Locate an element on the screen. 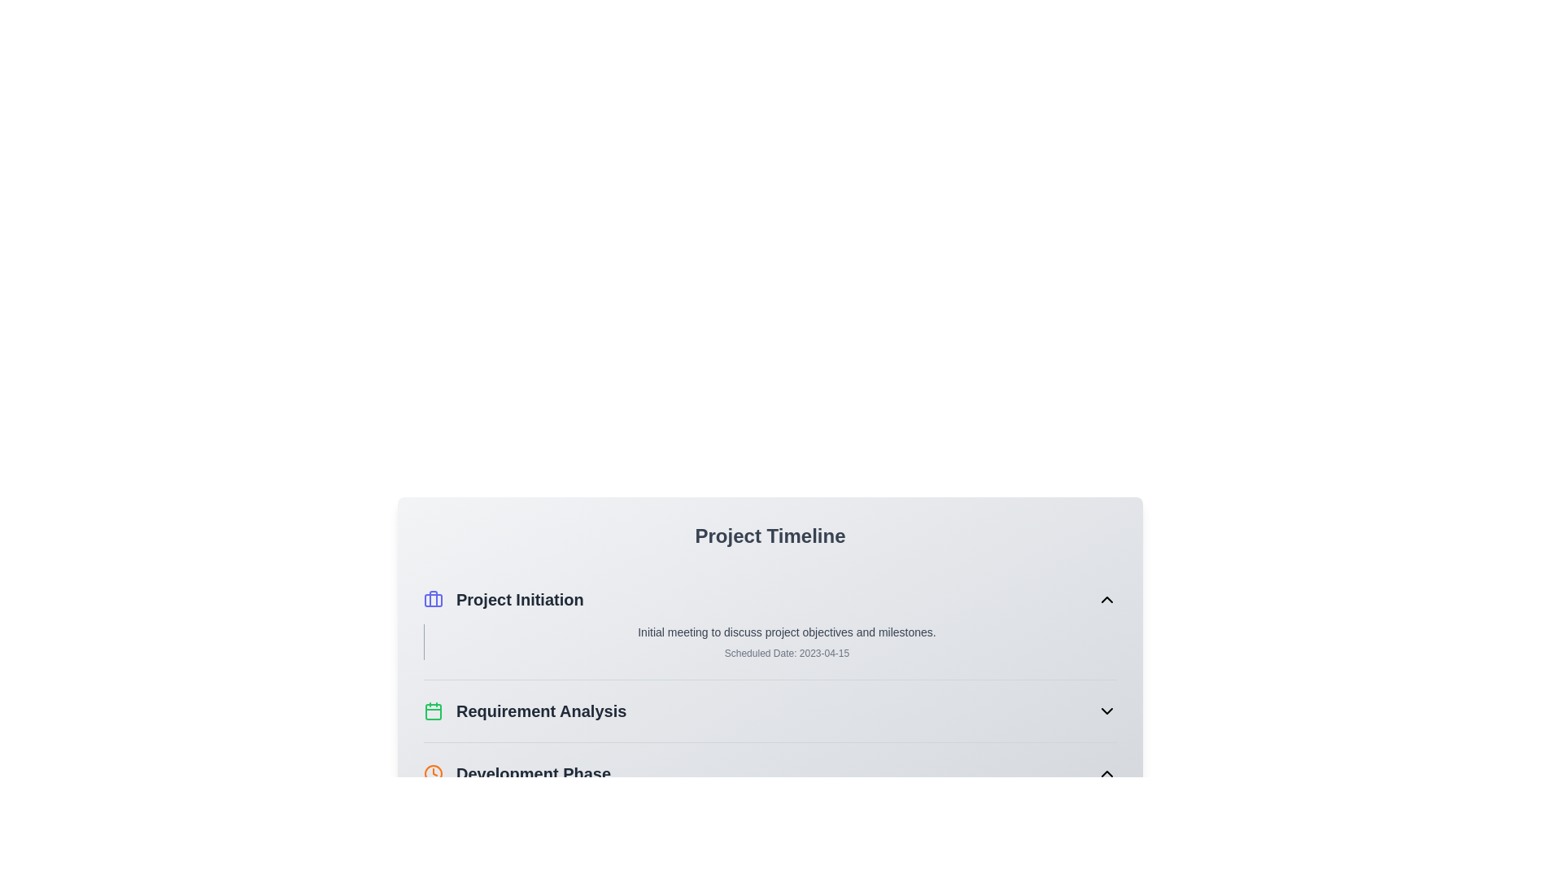 This screenshot has height=879, width=1562. the scheduled date in the 'Project Initiation' section of the collapsible timeline, which is indicated by the descriptive text below the heading is located at coordinates (769, 623).